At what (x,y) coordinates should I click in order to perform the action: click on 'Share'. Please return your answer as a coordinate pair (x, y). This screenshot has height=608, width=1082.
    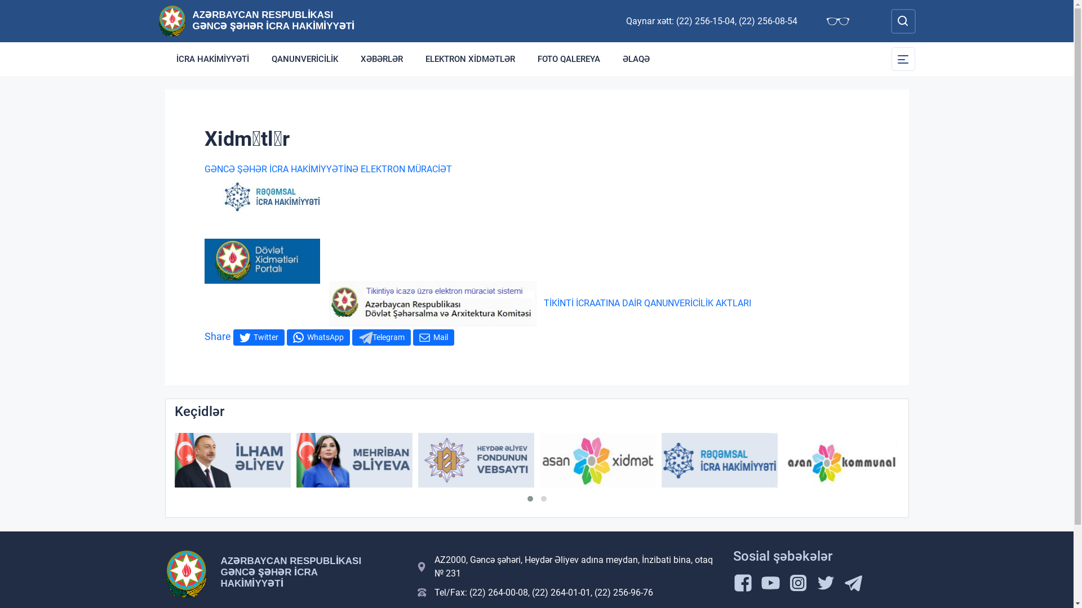
    Looking at the image, I should click on (217, 336).